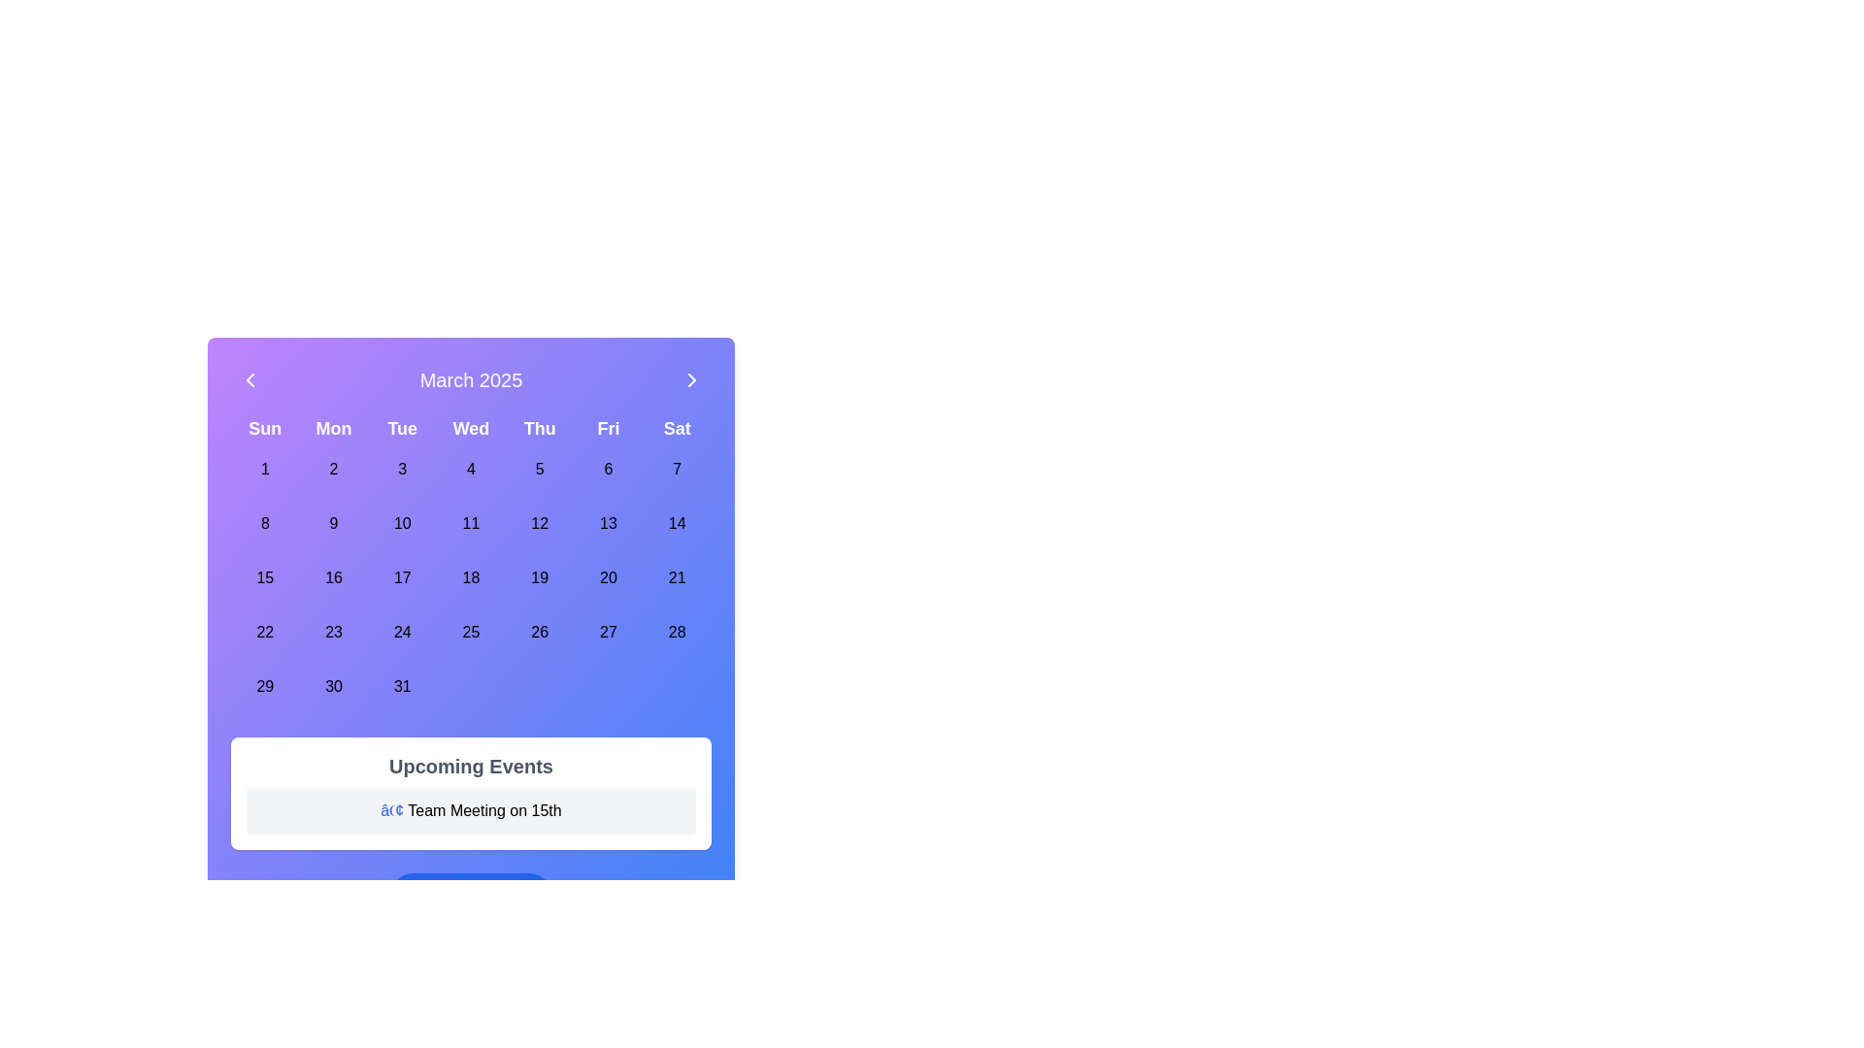 The image size is (1864, 1048). I want to click on the interactive calendar cell representing the 9th day of the month, so click(334, 524).